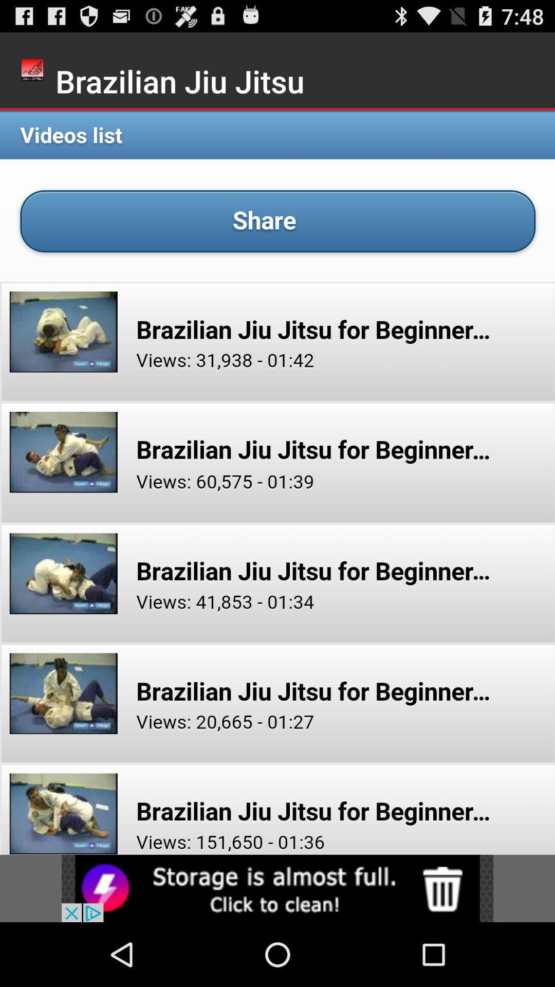  Describe the element at coordinates (277, 888) in the screenshot. I see `advertisements` at that location.